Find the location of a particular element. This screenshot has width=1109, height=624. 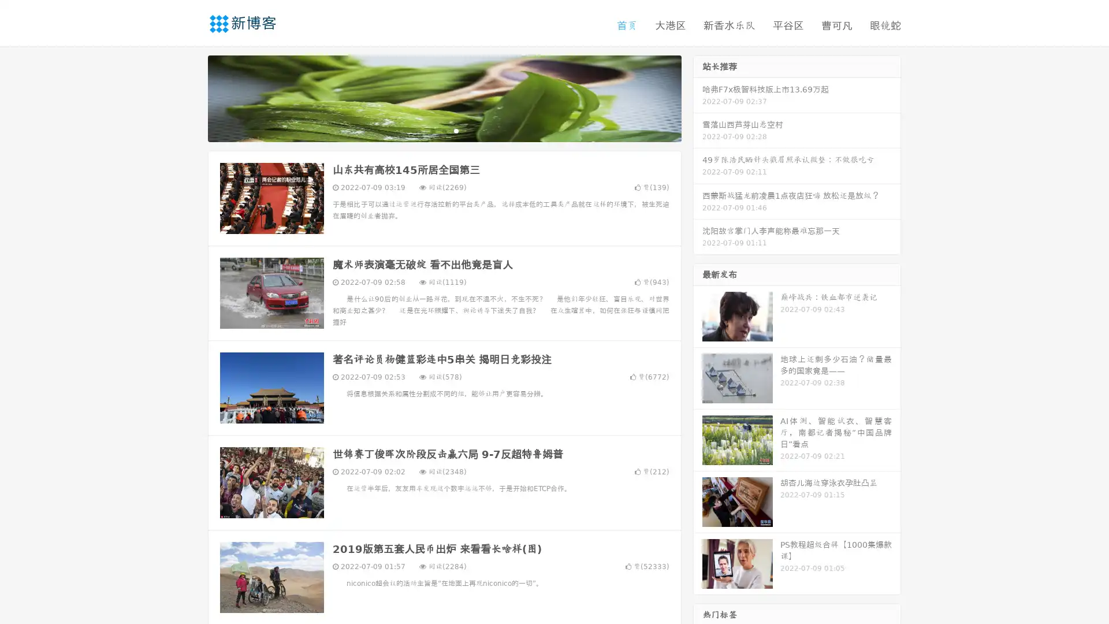

Previous slide is located at coordinates (191, 97).